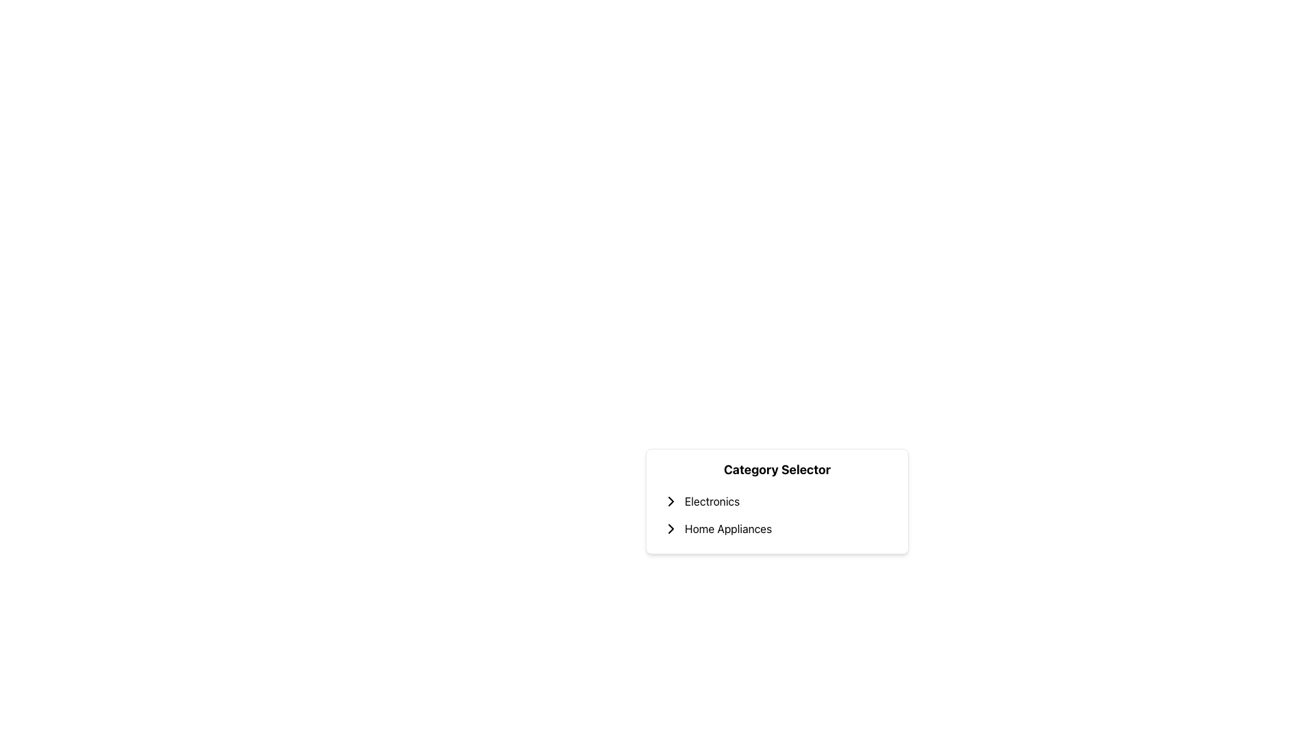  What do you see at coordinates (712, 502) in the screenshot?
I see `the 'Electronics' text label` at bounding box center [712, 502].